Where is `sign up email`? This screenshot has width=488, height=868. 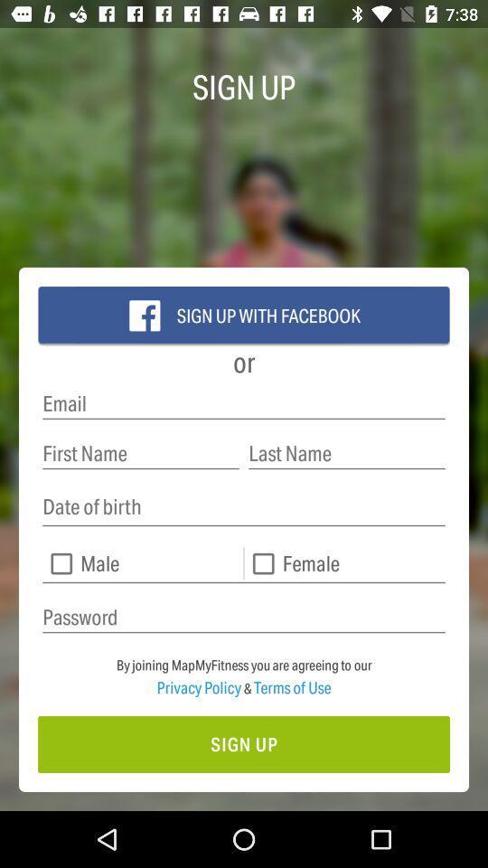 sign up email is located at coordinates (244, 403).